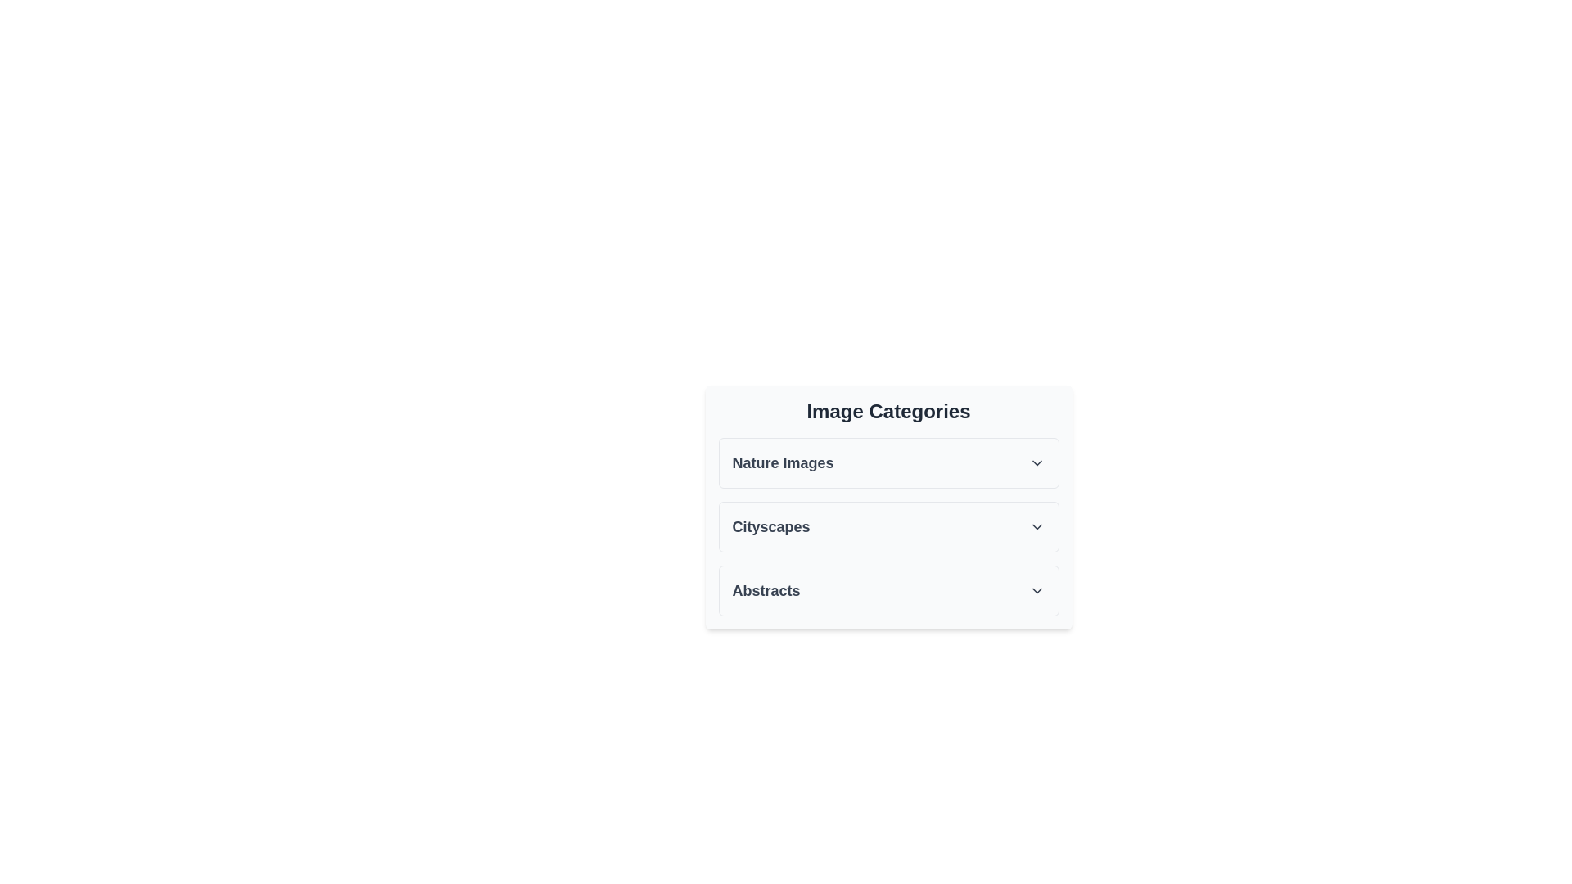 This screenshot has height=884, width=1572. Describe the element at coordinates (1036, 463) in the screenshot. I see `the toggle icon for the Nature Images section to expand or collapse it` at that location.